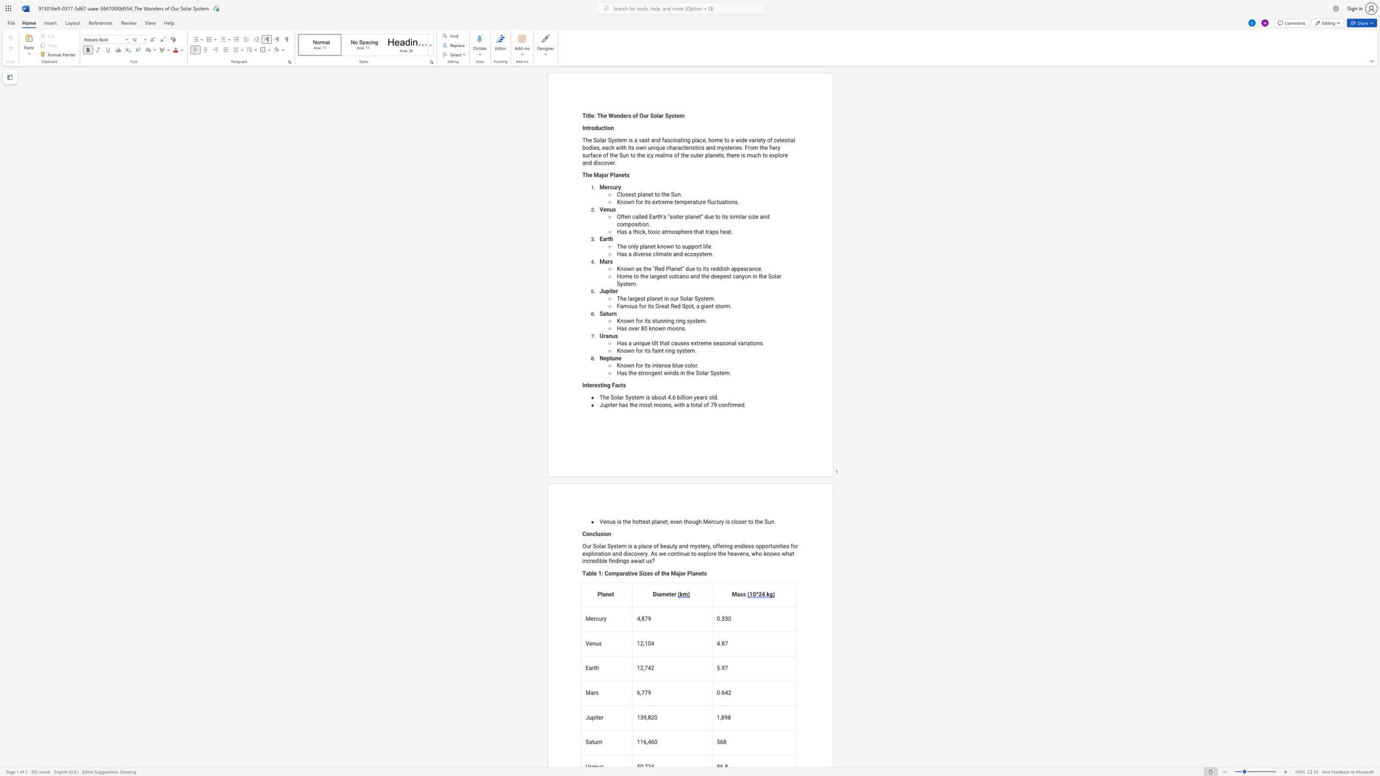 This screenshot has width=1380, height=776. Describe the element at coordinates (585, 127) in the screenshot. I see `the 1th character "n" in the text` at that location.